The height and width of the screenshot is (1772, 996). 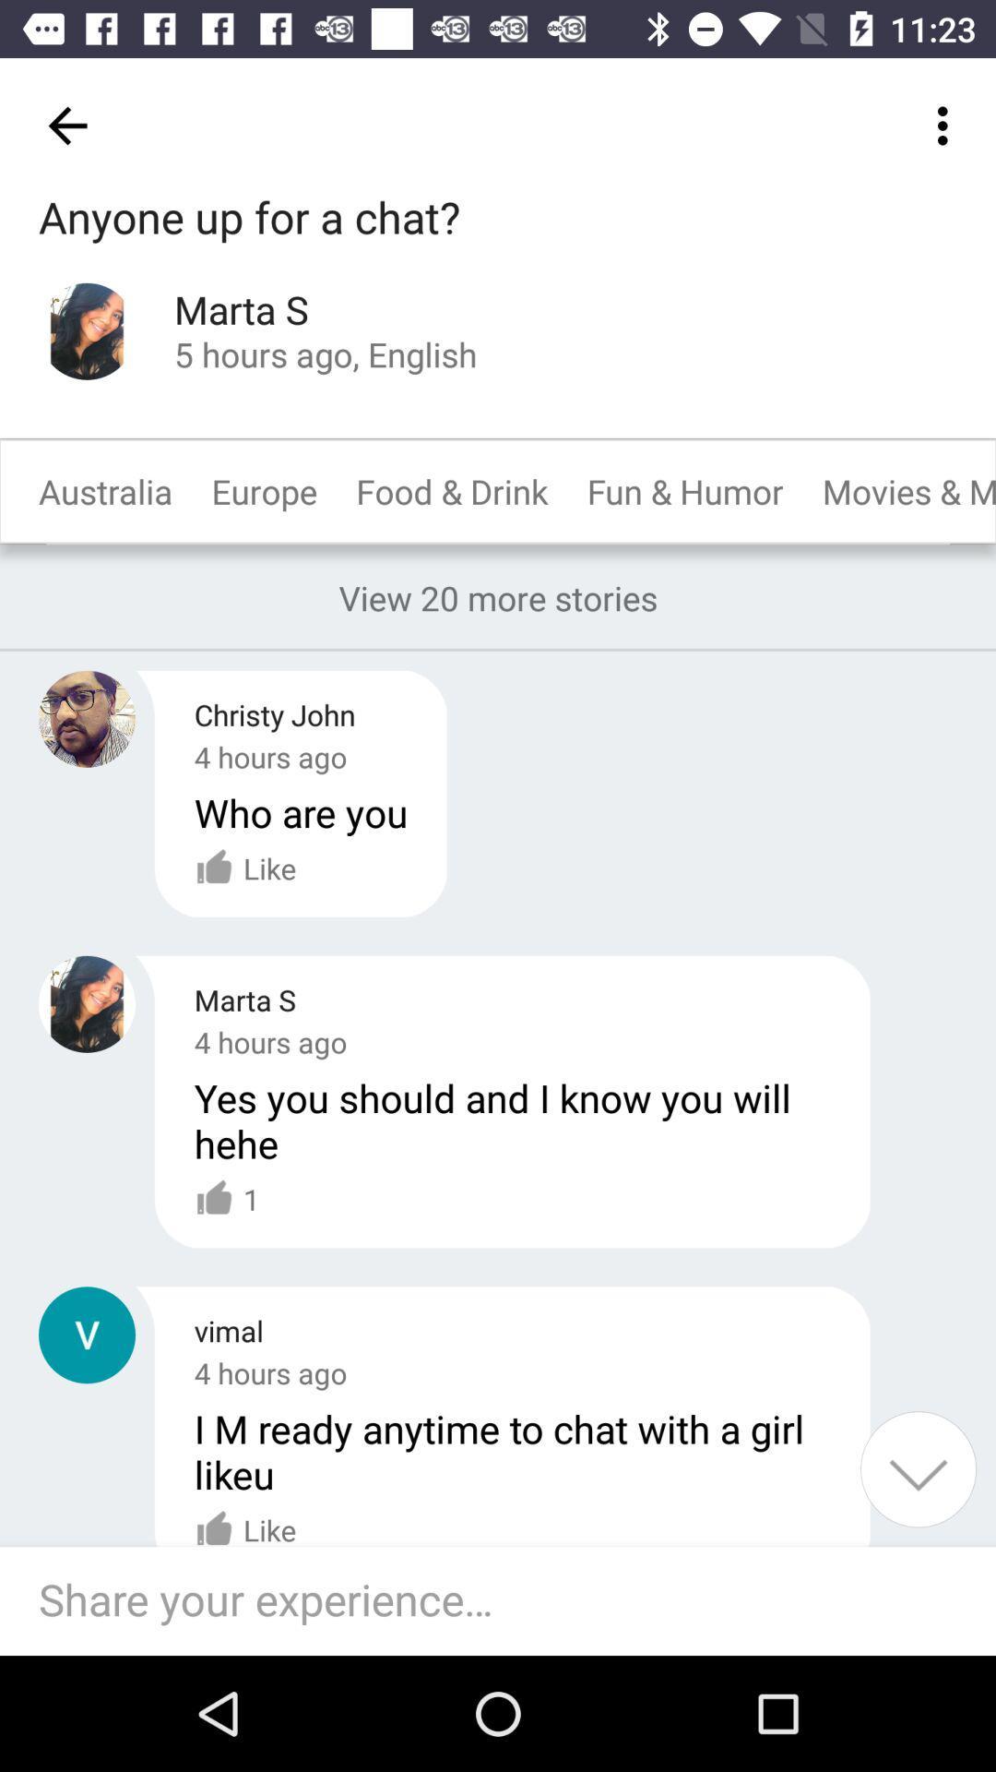 I want to click on drop down symbol at the bottom right corner of the page, so click(x=918, y=1468).